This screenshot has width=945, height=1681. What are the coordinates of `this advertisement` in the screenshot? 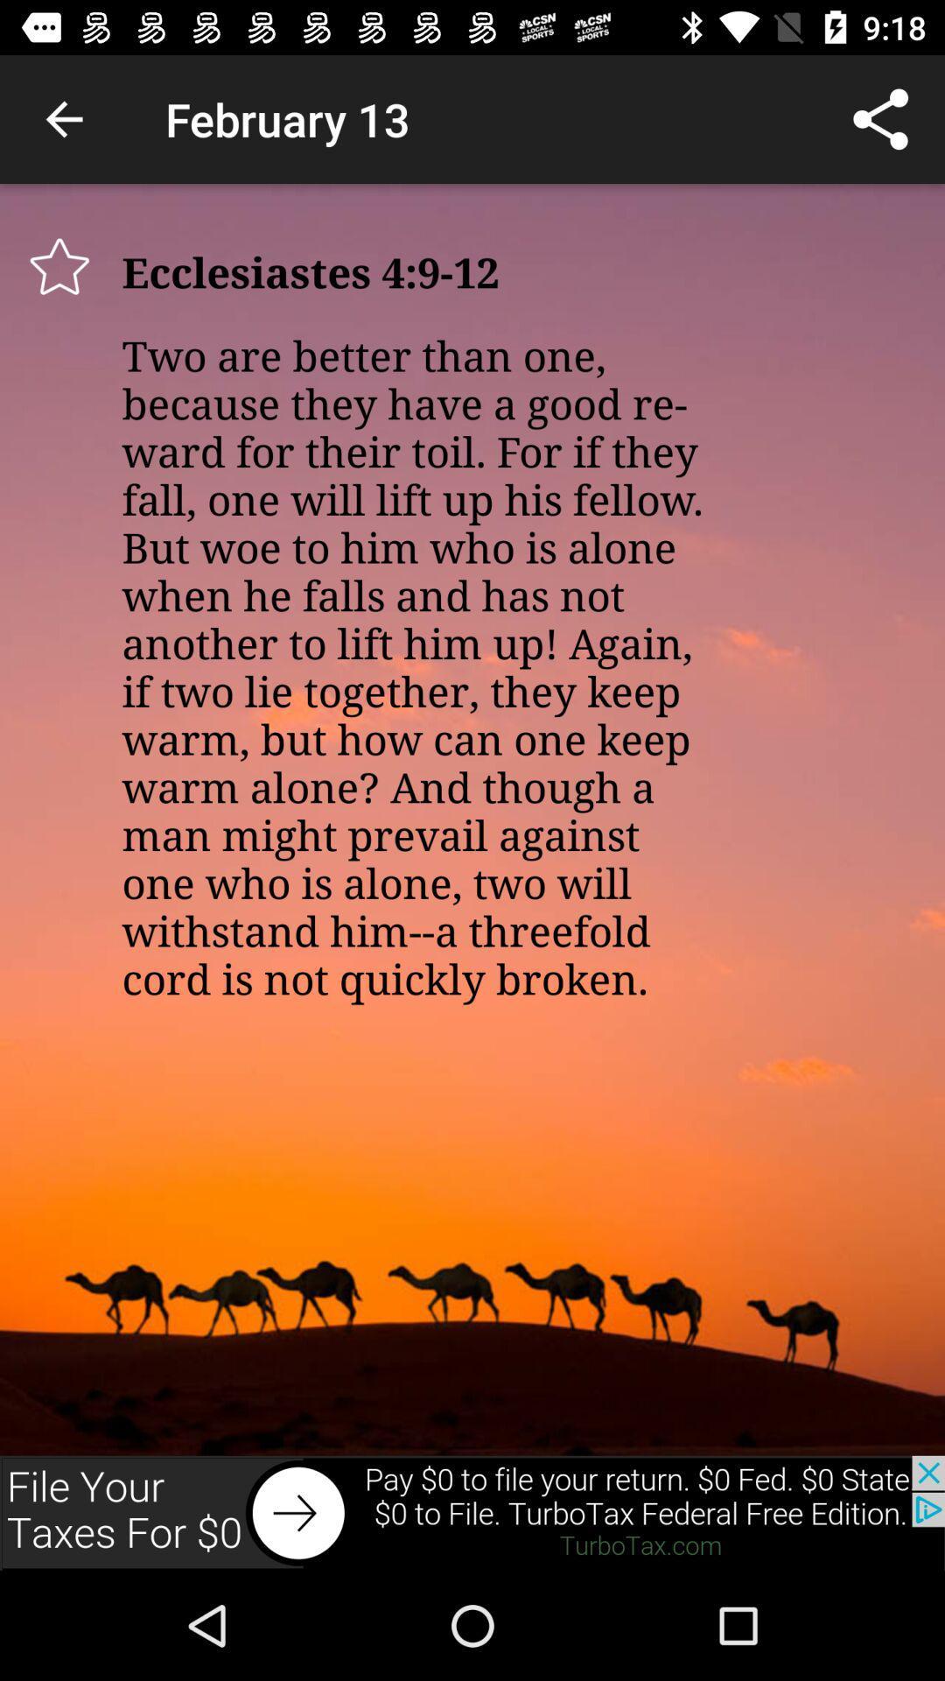 It's located at (472, 1512).